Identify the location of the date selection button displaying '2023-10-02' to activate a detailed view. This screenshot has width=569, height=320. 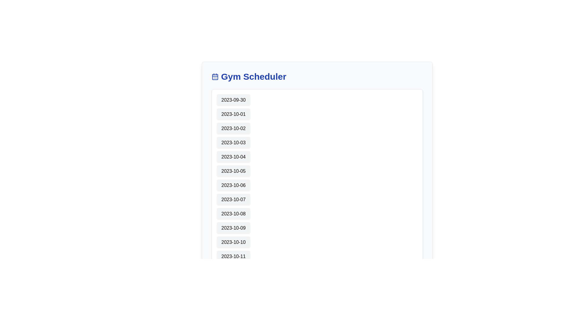
(233, 128).